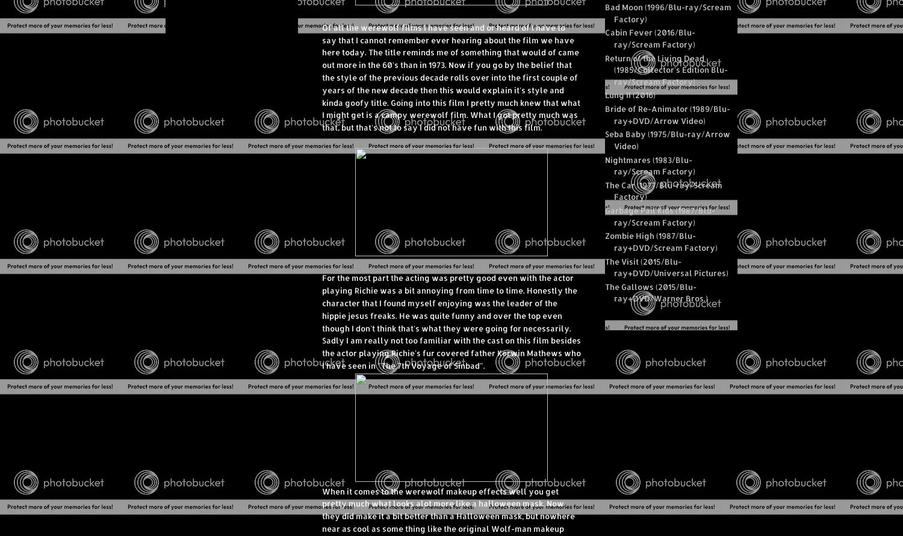 Image resolution: width=903 pixels, height=536 pixels. I want to click on 'Garbage Pail Kids (1987/Blu-ray/Scream Factory)', so click(659, 216).